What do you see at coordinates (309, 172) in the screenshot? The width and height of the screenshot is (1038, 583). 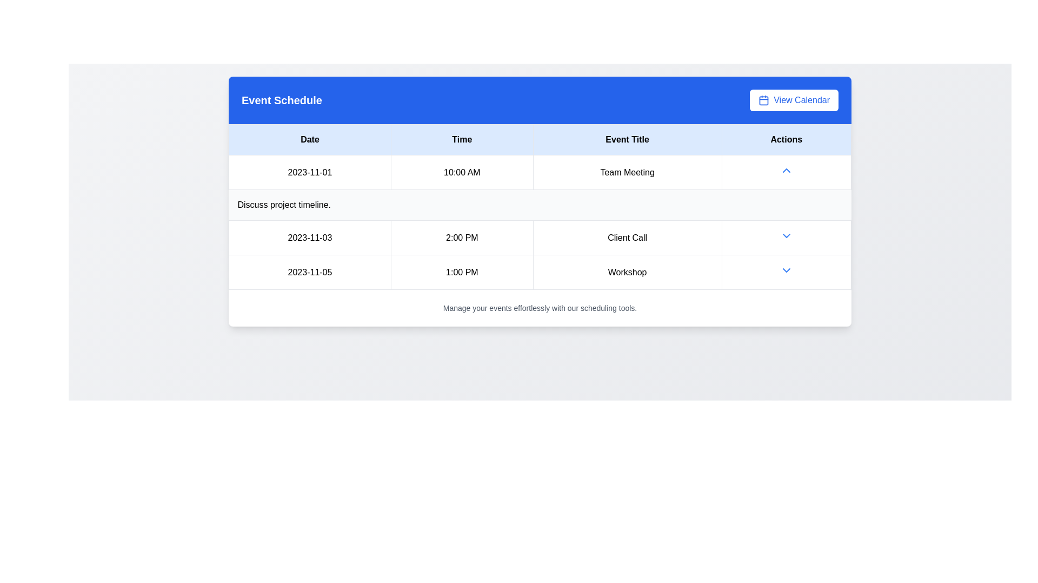 I see `the static text display showing the date '2023-11-01', located in the first row of the 'Date' column of the data table` at bounding box center [309, 172].